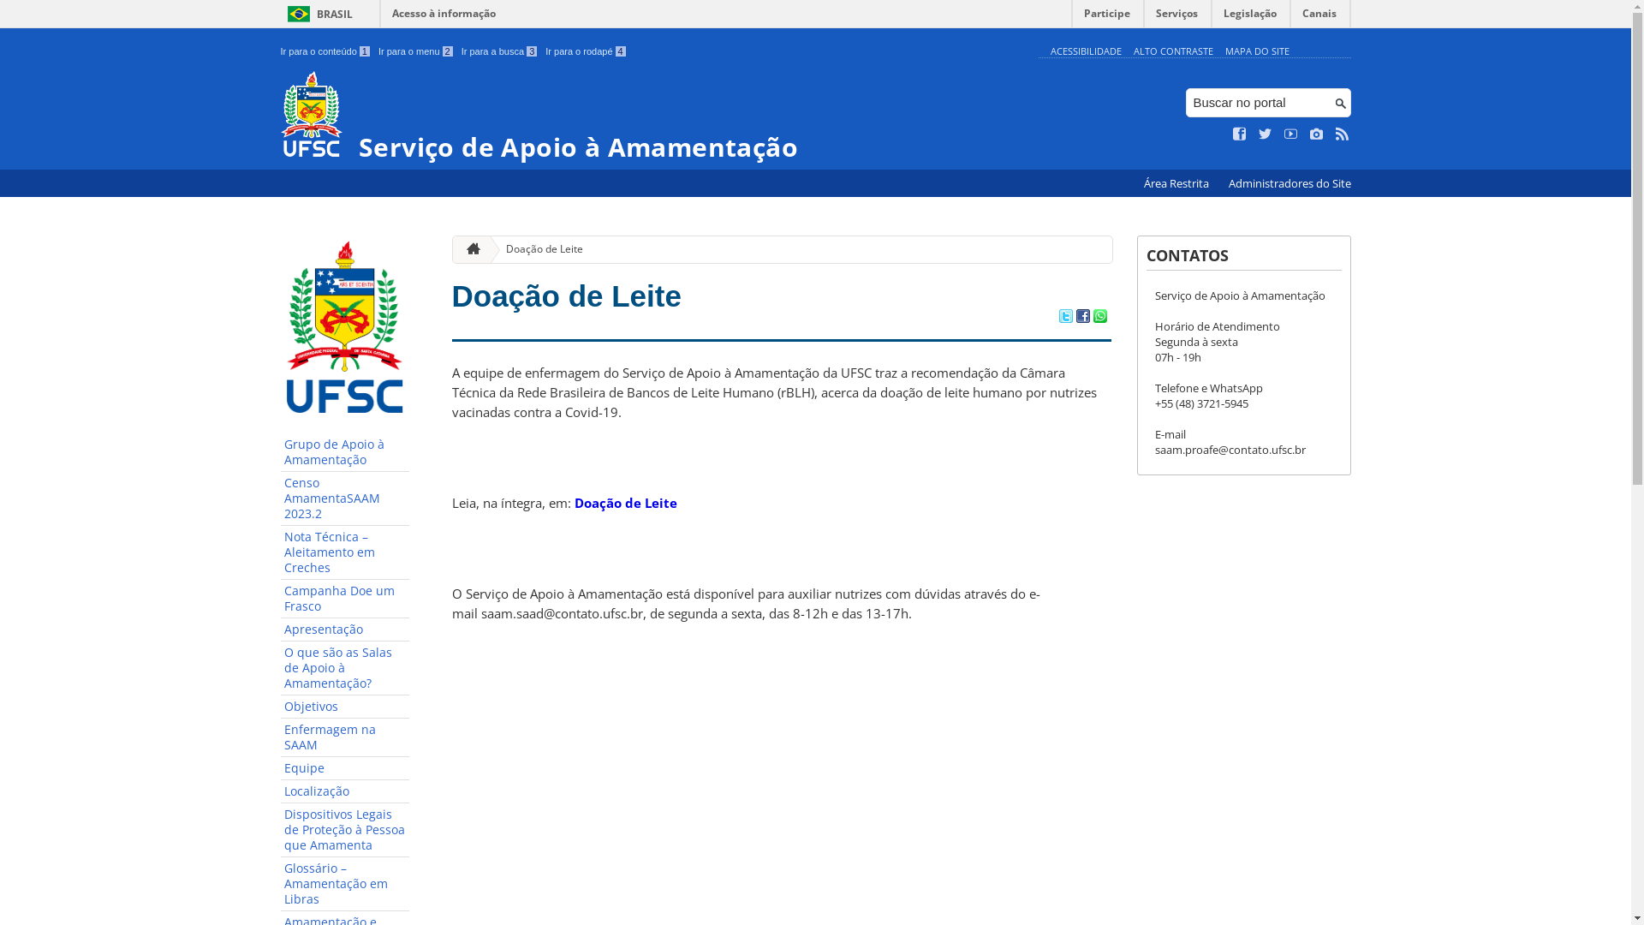  What do you see at coordinates (1084, 50) in the screenshot?
I see `'ACESSIBILIDADE'` at bounding box center [1084, 50].